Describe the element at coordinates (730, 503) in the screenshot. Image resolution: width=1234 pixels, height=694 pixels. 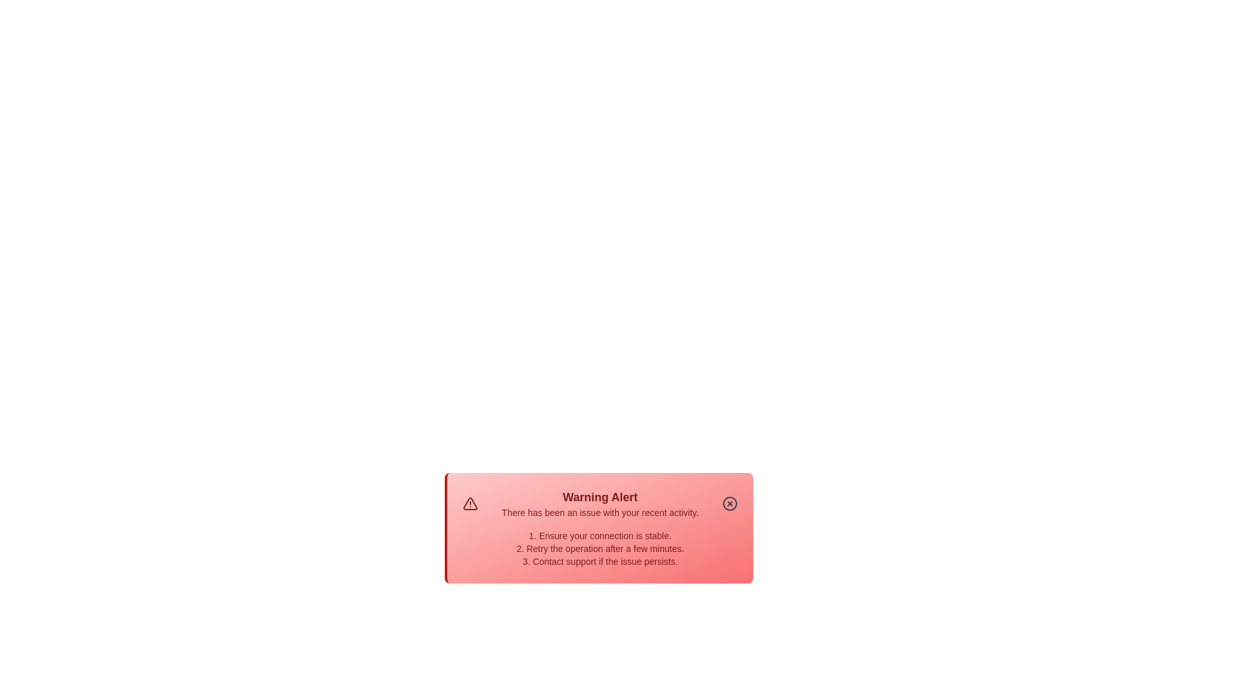
I see `the close button to dismiss the alert` at that location.